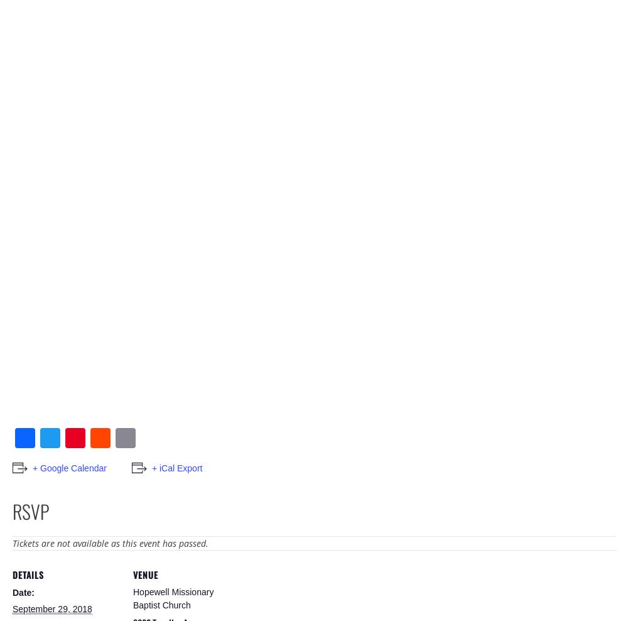 The width and height of the screenshot is (628, 621). Describe the element at coordinates (173, 598) in the screenshot. I see `'Hopewell Missionary Baptist Church'` at that location.